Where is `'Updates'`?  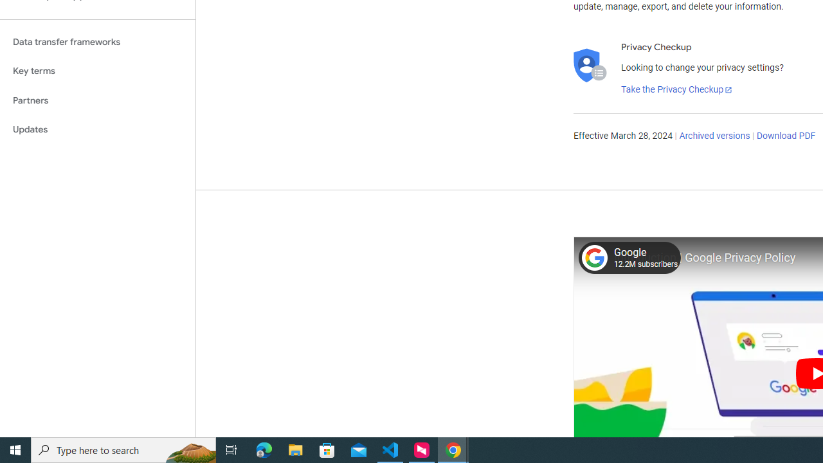
'Updates' is located at coordinates (97, 129).